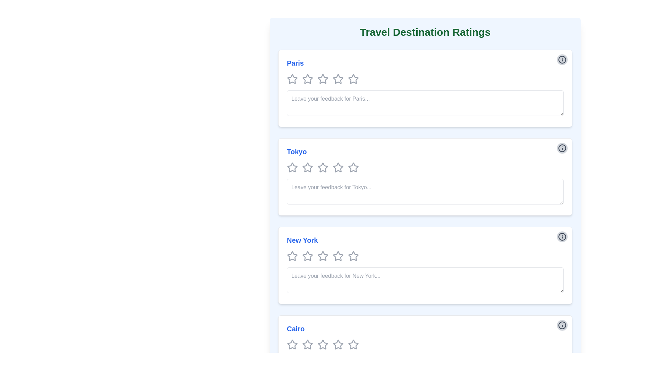 This screenshot has height=375, width=666. I want to click on the unfilled star rating icon for 'New York', so click(292, 256).